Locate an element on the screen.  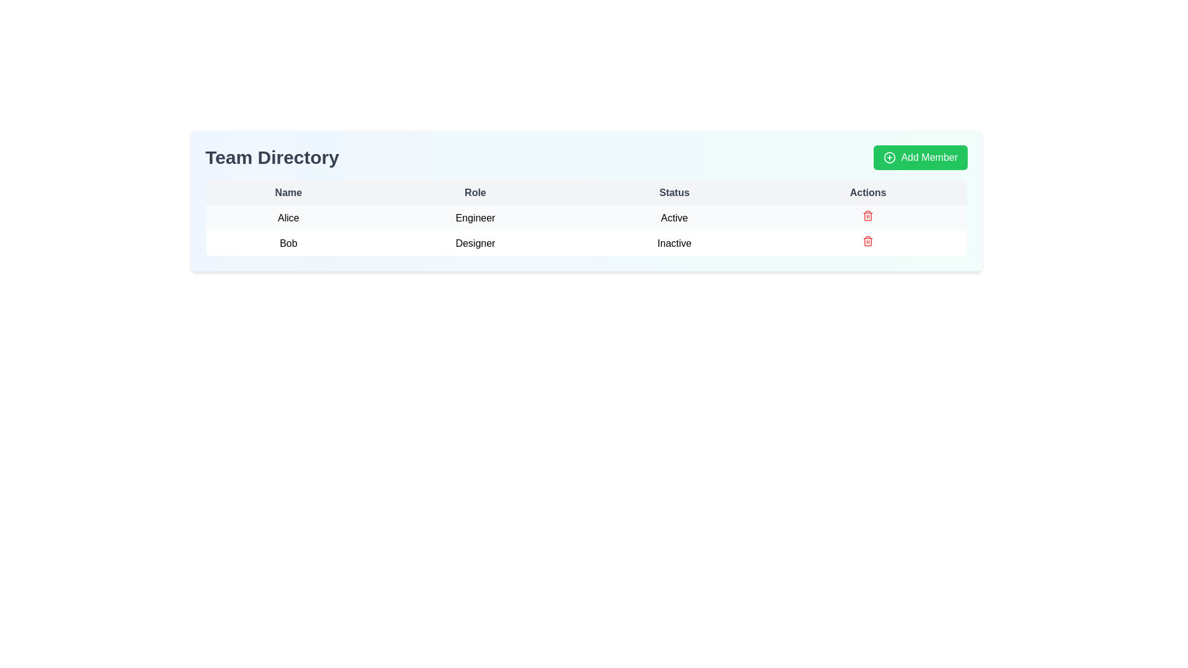
the text label displaying the status 'Inactive' for Bob, located in the second row and third column of the table is located at coordinates (674, 243).